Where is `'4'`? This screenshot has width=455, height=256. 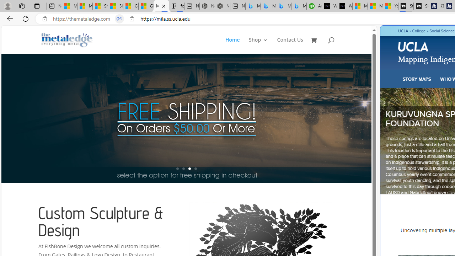 '4' is located at coordinates (196, 169).